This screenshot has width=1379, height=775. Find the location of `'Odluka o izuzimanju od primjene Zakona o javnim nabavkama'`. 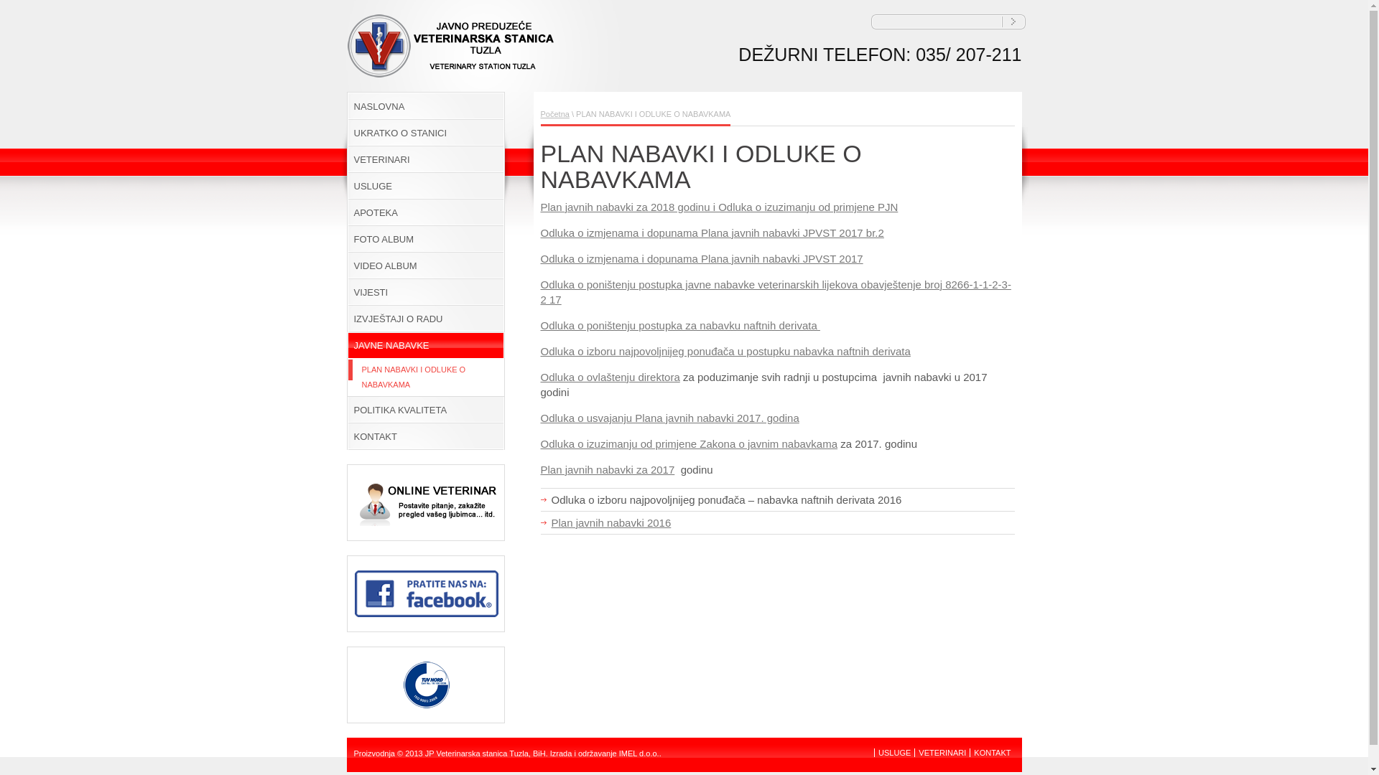

'Odluka o izuzimanju od primjene Zakona o javnim nabavkama' is located at coordinates (688, 443).